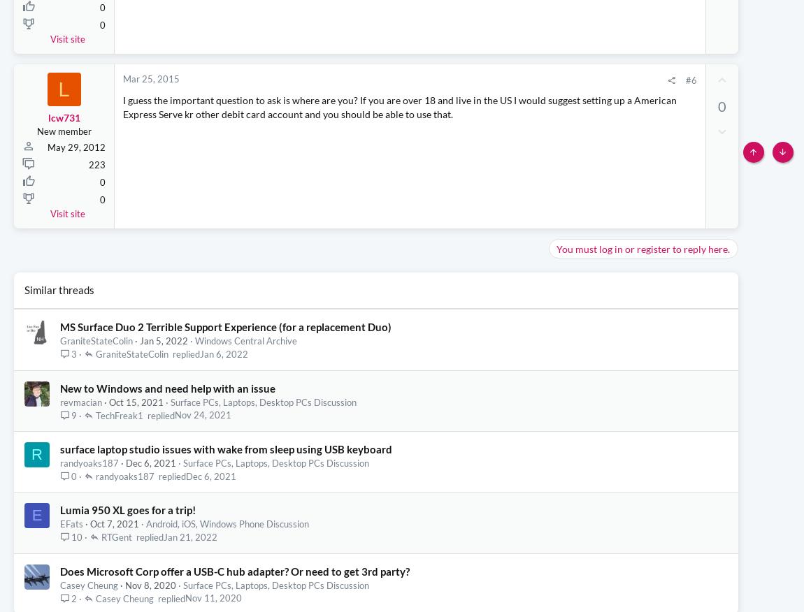  I want to click on '3', so click(73, 381).